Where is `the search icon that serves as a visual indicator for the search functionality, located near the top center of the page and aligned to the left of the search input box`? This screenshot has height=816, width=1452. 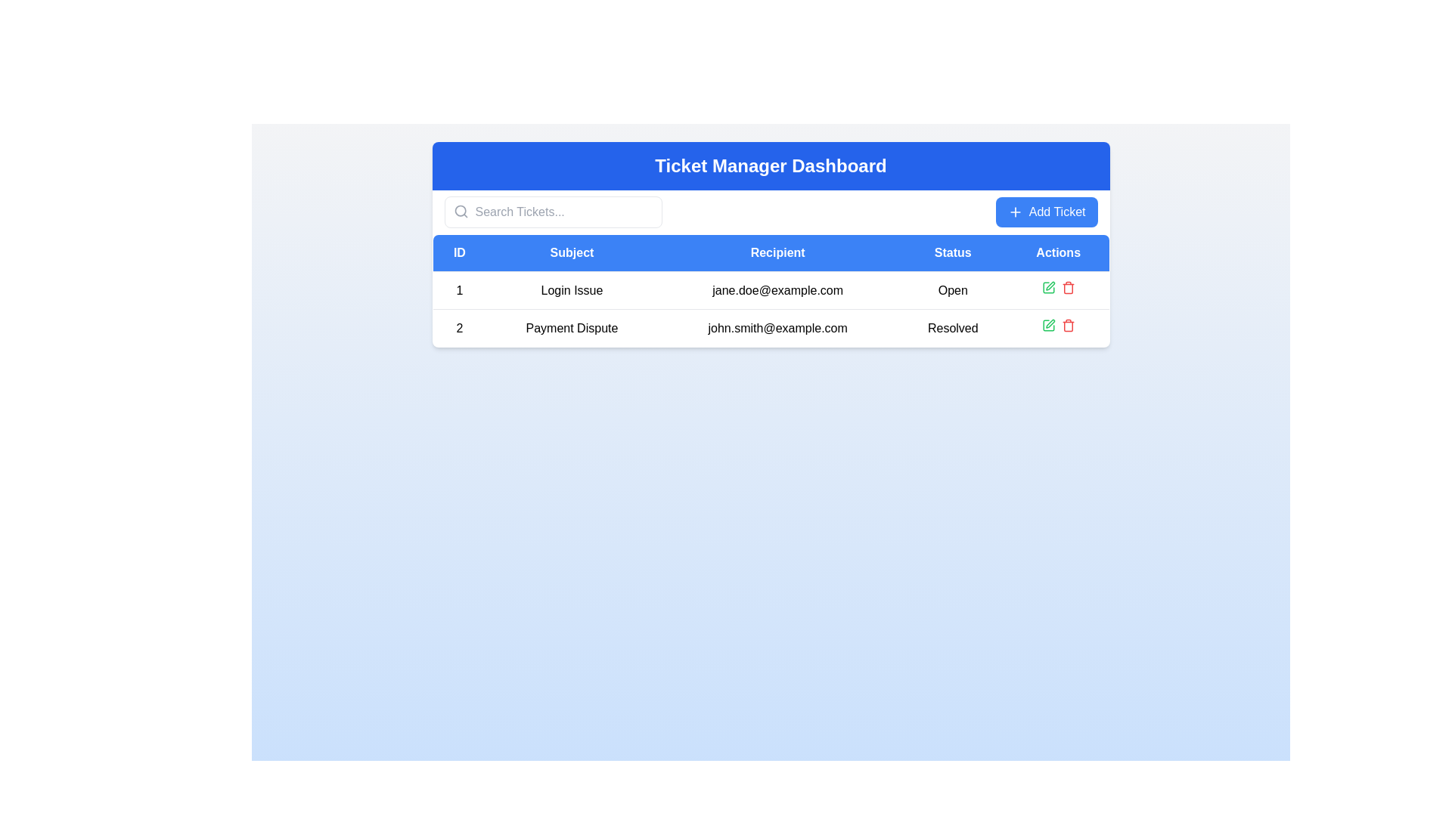
the search icon that serves as a visual indicator for the search functionality, located near the top center of the page and aligned to the left of the search input box is located at coordinates (460, 212).